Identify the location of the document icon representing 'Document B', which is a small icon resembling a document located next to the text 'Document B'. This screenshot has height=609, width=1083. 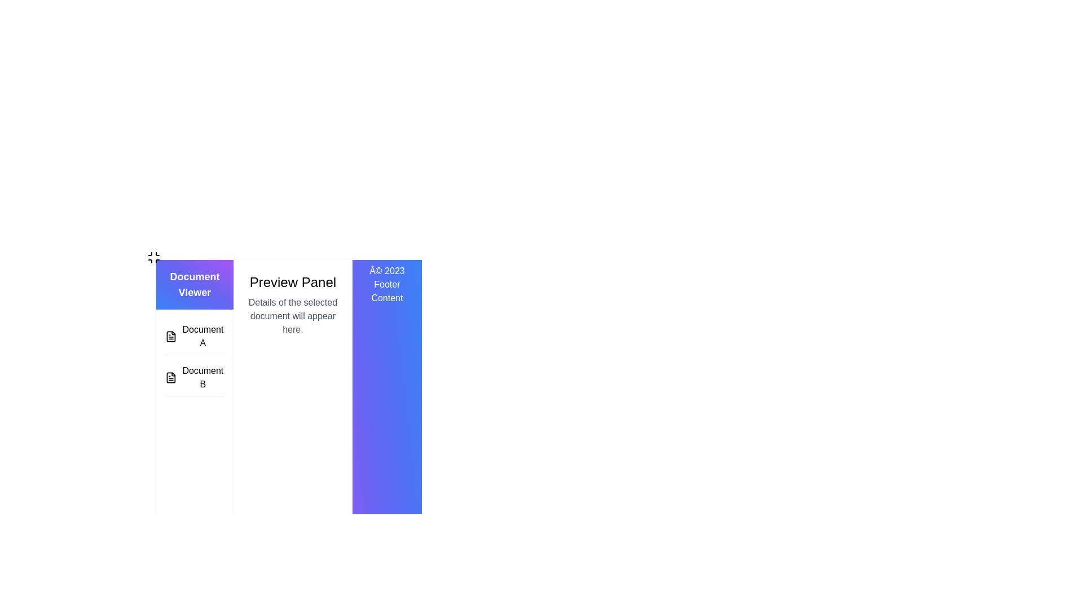
(170, 378).